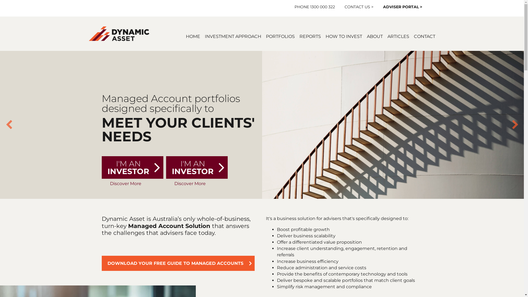 The width and height of the screenshot is (528, 297). I want to click on 'I'M AN, so click(101, 167).